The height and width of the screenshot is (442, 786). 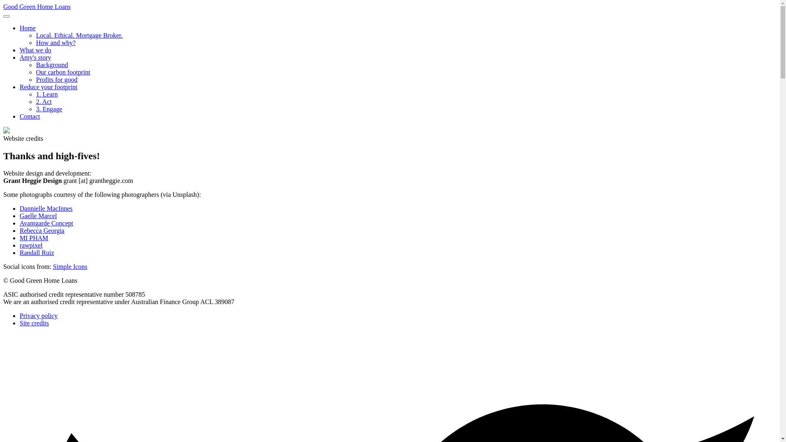 I want to click on 'Reduce your footprint', so click(x=48, y=87).